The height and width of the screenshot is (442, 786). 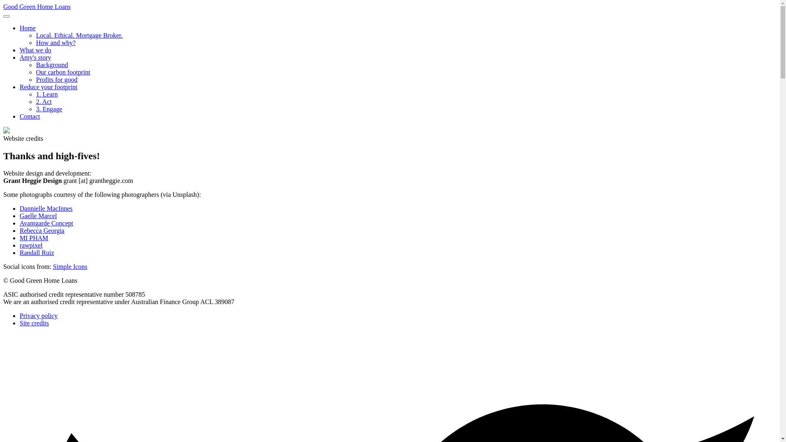 I want to click on 'Reduce your footprint', so click(x=48, y=87).